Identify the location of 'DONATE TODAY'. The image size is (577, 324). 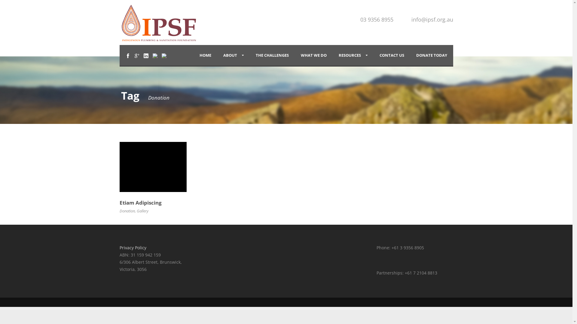
(431, 55).